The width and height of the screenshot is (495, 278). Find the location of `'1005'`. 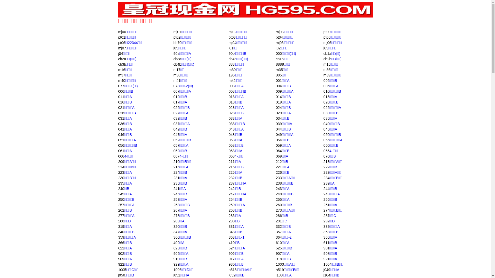

'1005' is located at coordinates (122, 270).